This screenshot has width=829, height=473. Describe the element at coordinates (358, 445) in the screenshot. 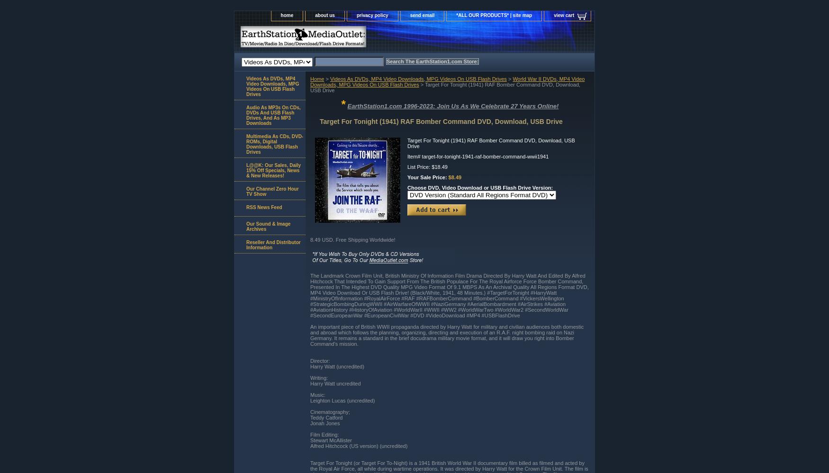

I see `'Alfred Hitchcock	 	(US version) (uncredited)'` at that location.